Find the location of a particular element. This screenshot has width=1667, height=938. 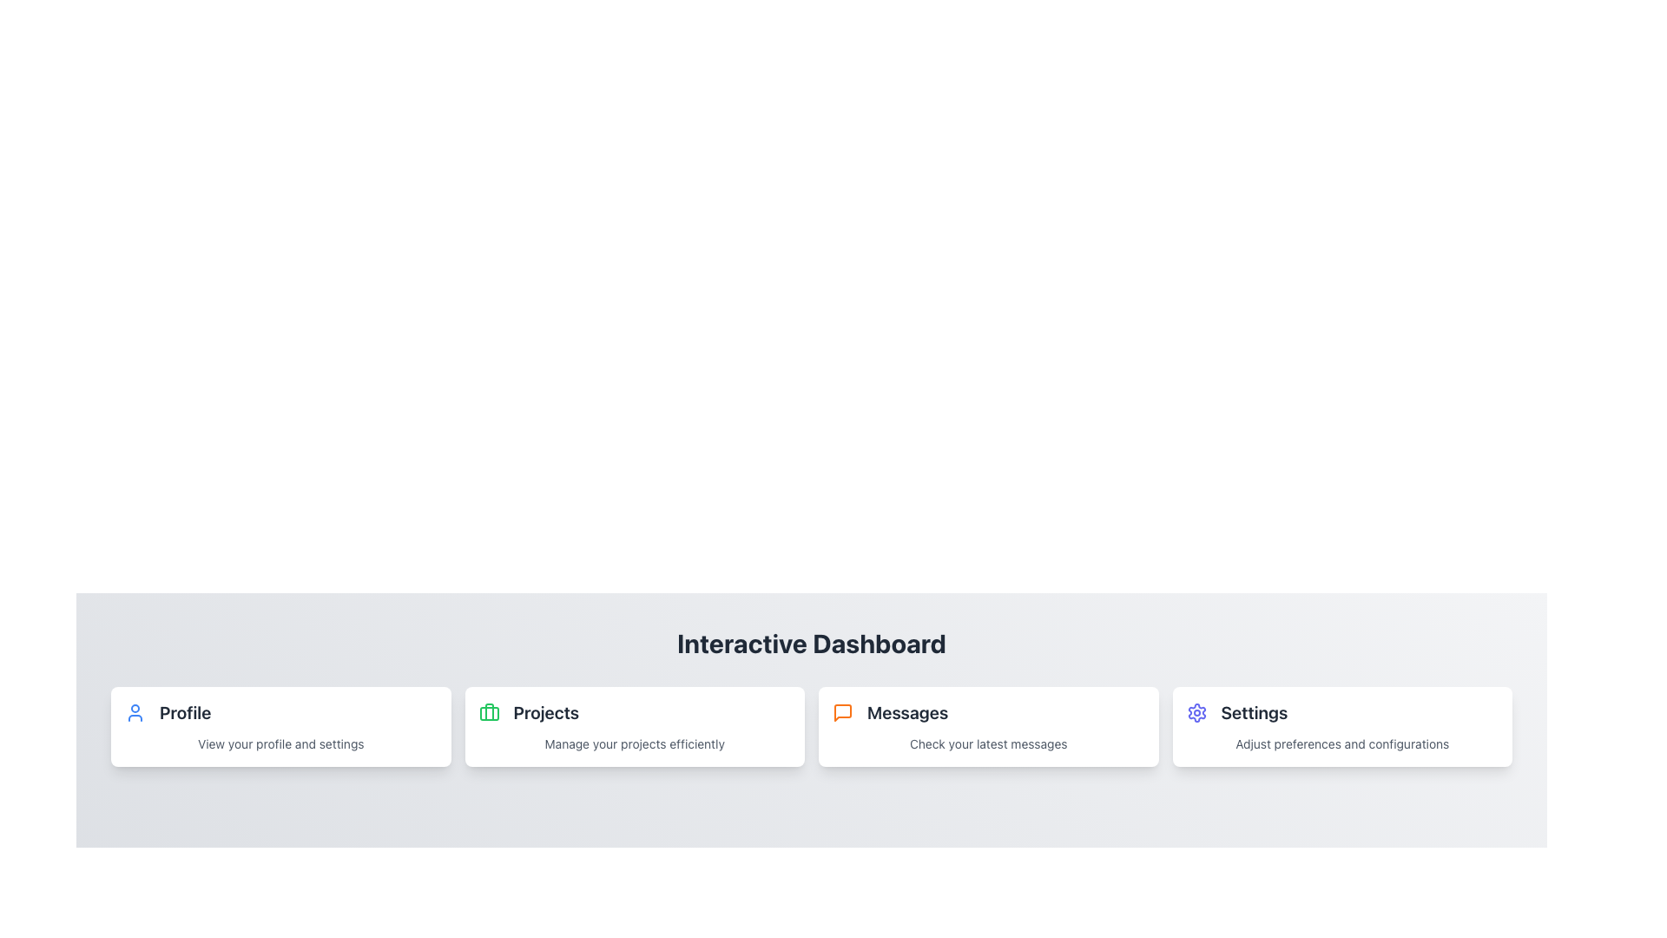

the 'Profile' text label in the interactive dashboard, which is the leftmost element in a row of four card-like options, indicating the corresponding section is located at coordinates (185, 713).